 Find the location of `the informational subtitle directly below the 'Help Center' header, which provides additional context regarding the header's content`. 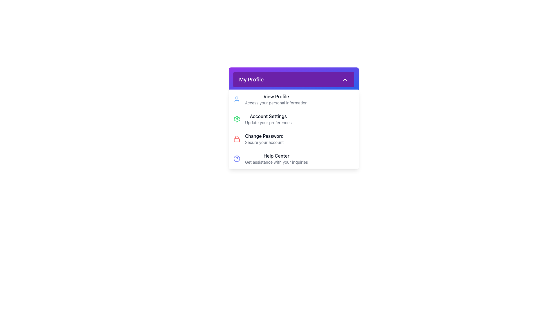

the informational subtitle directly below the 'Help Center' header, which provides additional context regarding the header's content is located at coordinates (276, 162).